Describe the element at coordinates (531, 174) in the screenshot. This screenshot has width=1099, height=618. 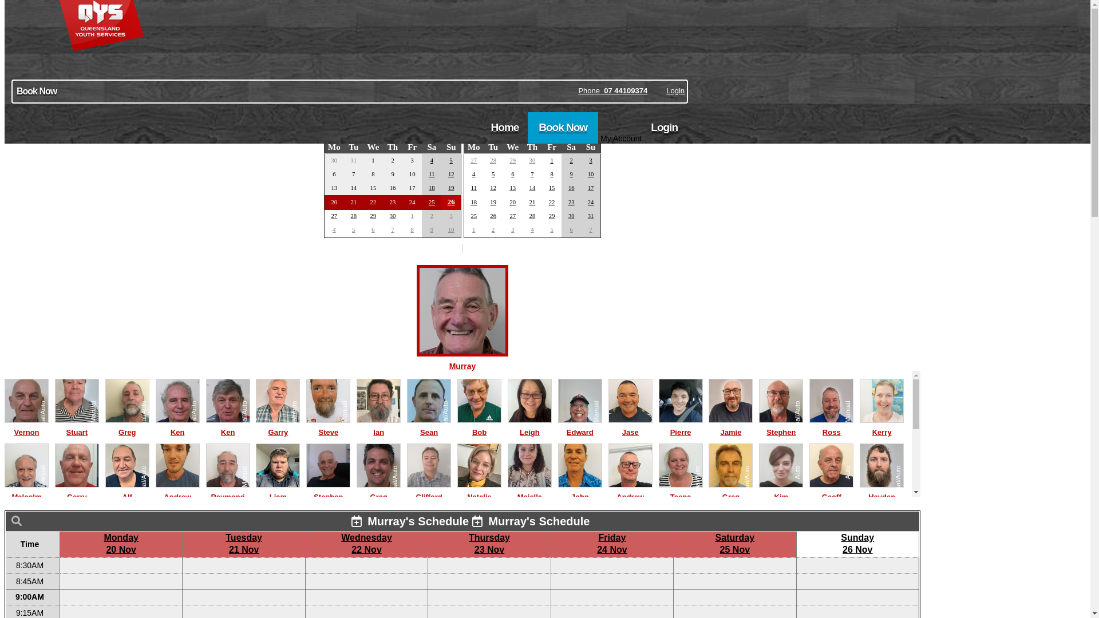
I see `'7'` at that location.